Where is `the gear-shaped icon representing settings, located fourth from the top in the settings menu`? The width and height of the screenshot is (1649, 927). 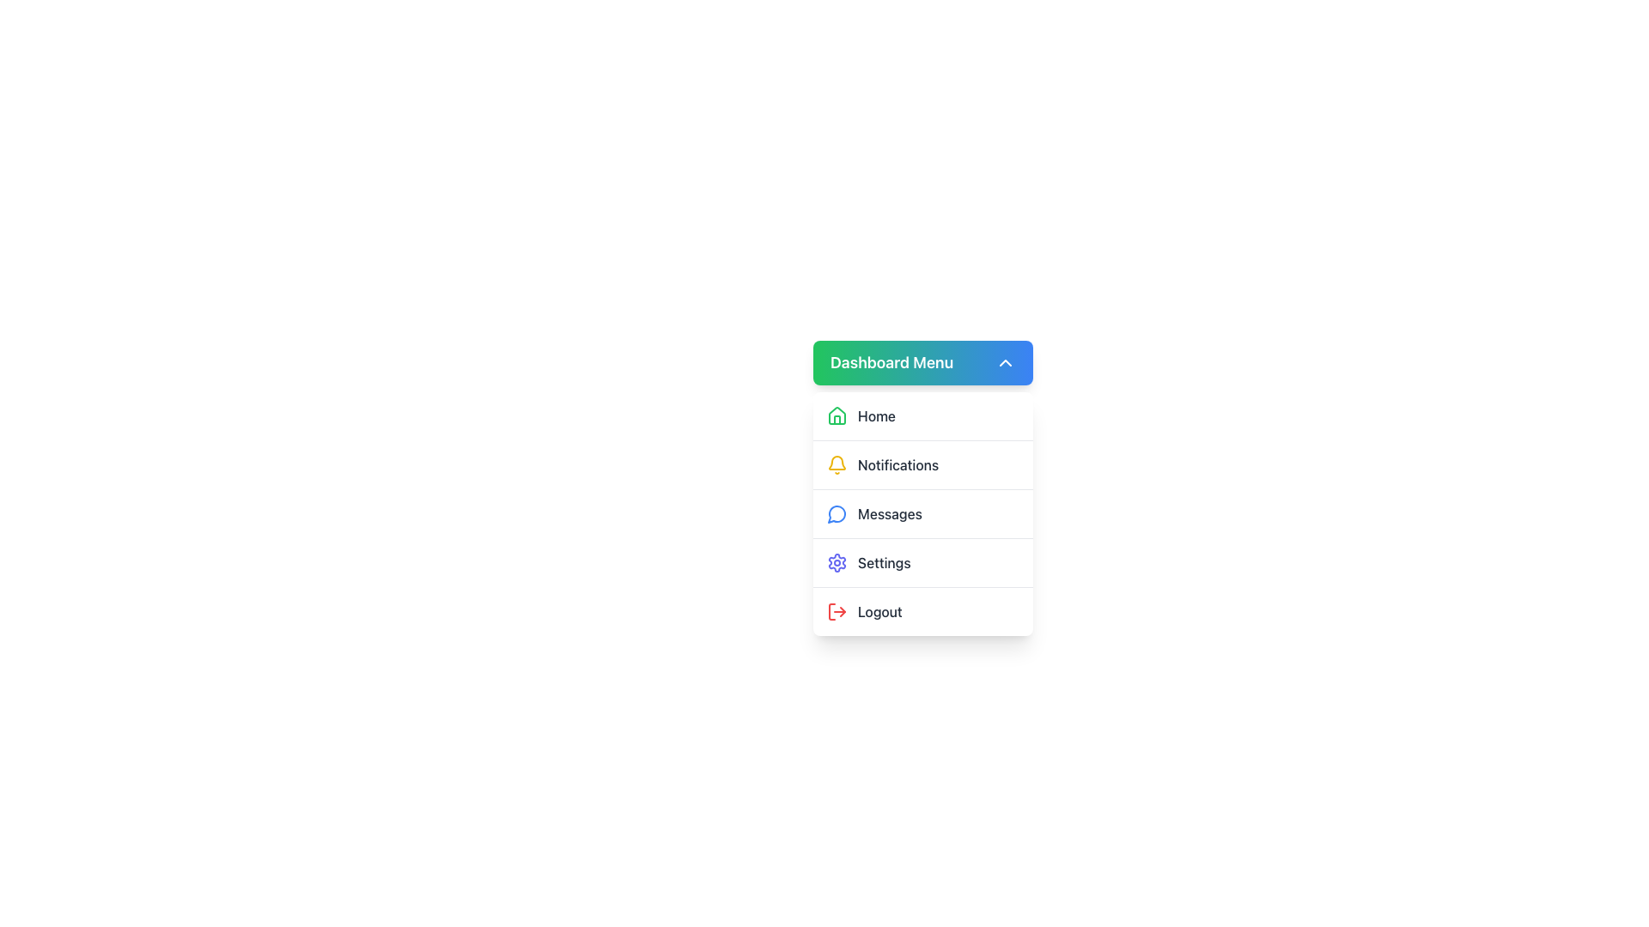 the gear-shaped icon representing settings, located fourth from the top in the settings menu is located at coordinates (837, 562).